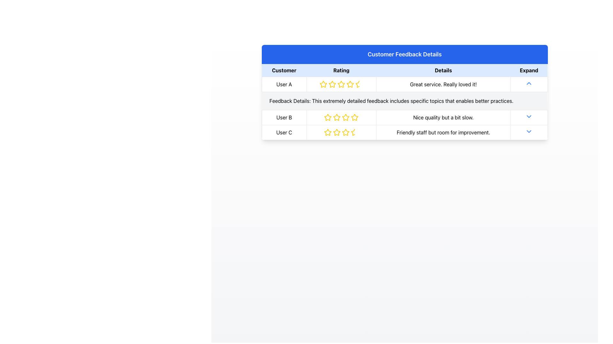 This screenshot has width=613, height=344. What do you see at coordinates (345, 132) in the screenshot?
I see `the fourth yellow star icon representing the rating for 'User C'` at bounding box center [345, 132].